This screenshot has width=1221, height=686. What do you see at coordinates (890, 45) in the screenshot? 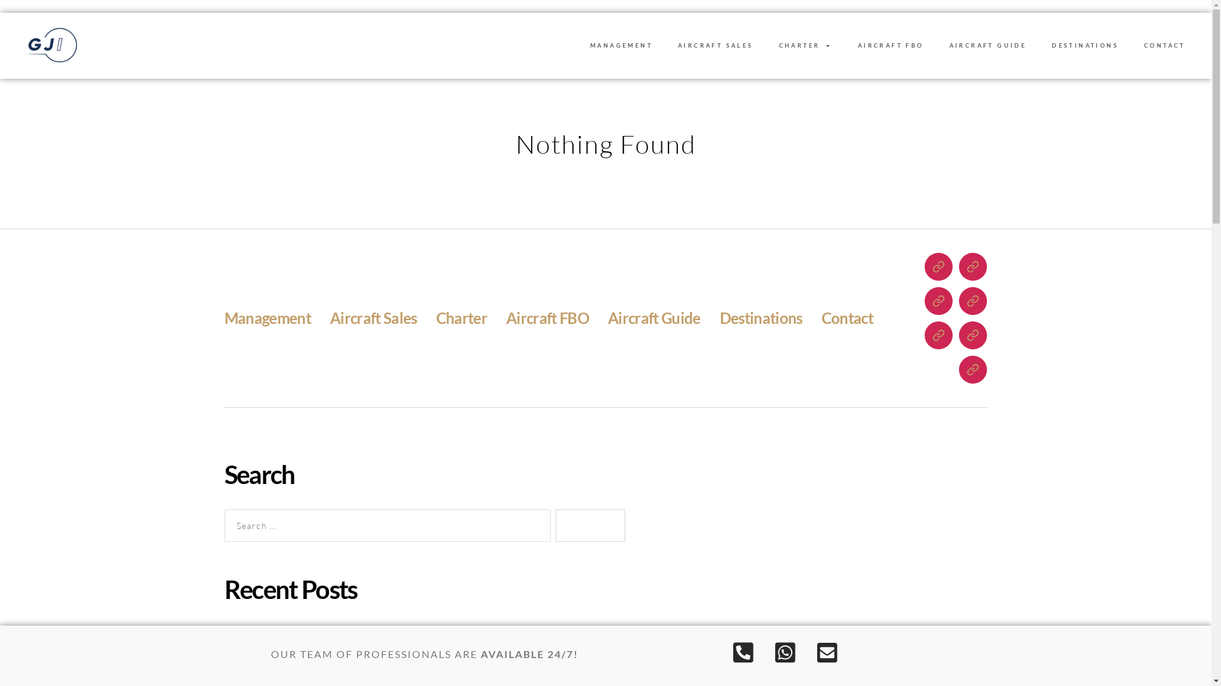
I see `'AIRCRAFT FBO'` at bounding box center [890, 45].